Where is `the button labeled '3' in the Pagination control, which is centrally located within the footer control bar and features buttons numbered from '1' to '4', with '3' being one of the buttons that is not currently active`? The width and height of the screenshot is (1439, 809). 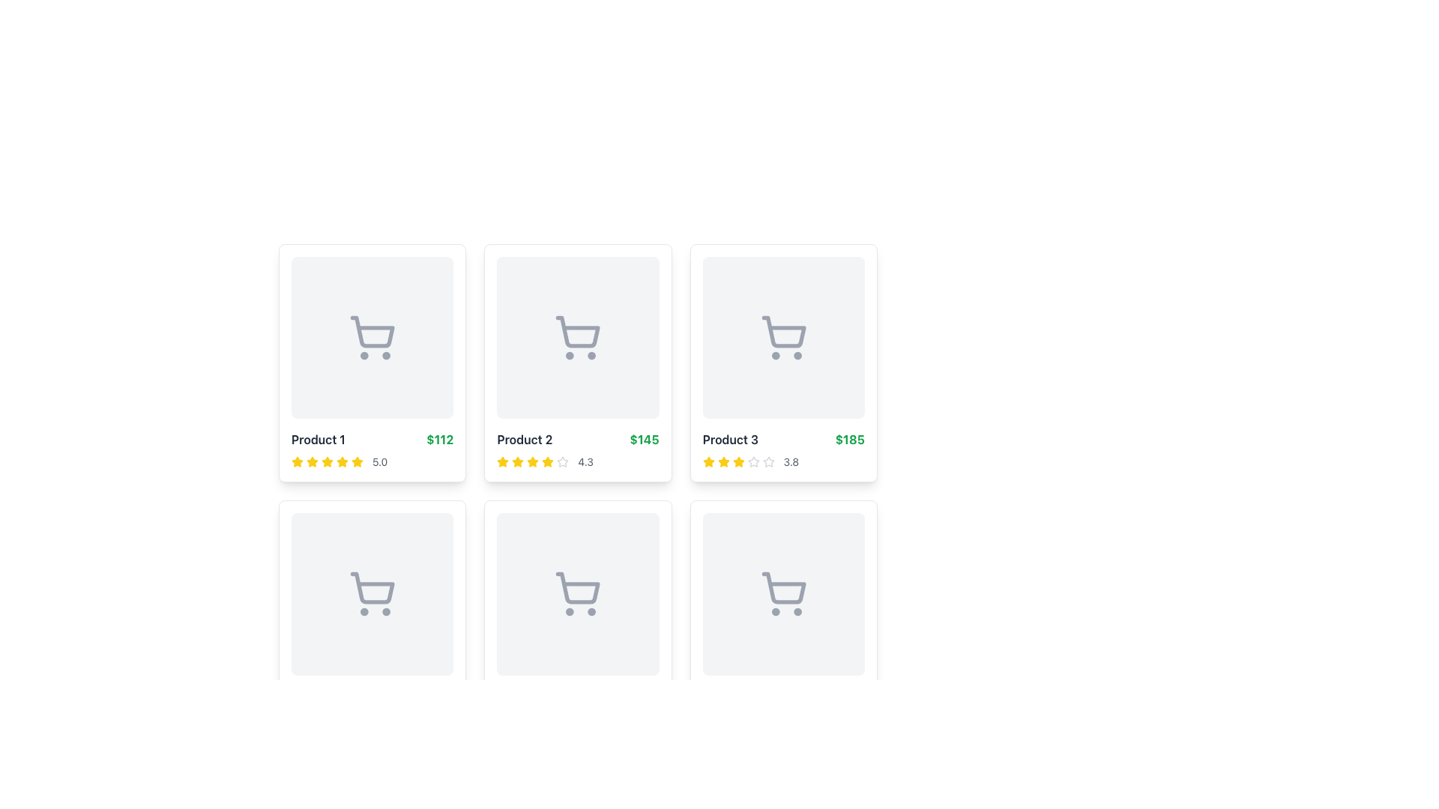 the button labeled '3' in the Pagination control, which is centrally located within the footer control bar and features buttons numbered from '1' to '4', with '3' being one of the buttons that is not currently active is located at coordinates (778, 784).